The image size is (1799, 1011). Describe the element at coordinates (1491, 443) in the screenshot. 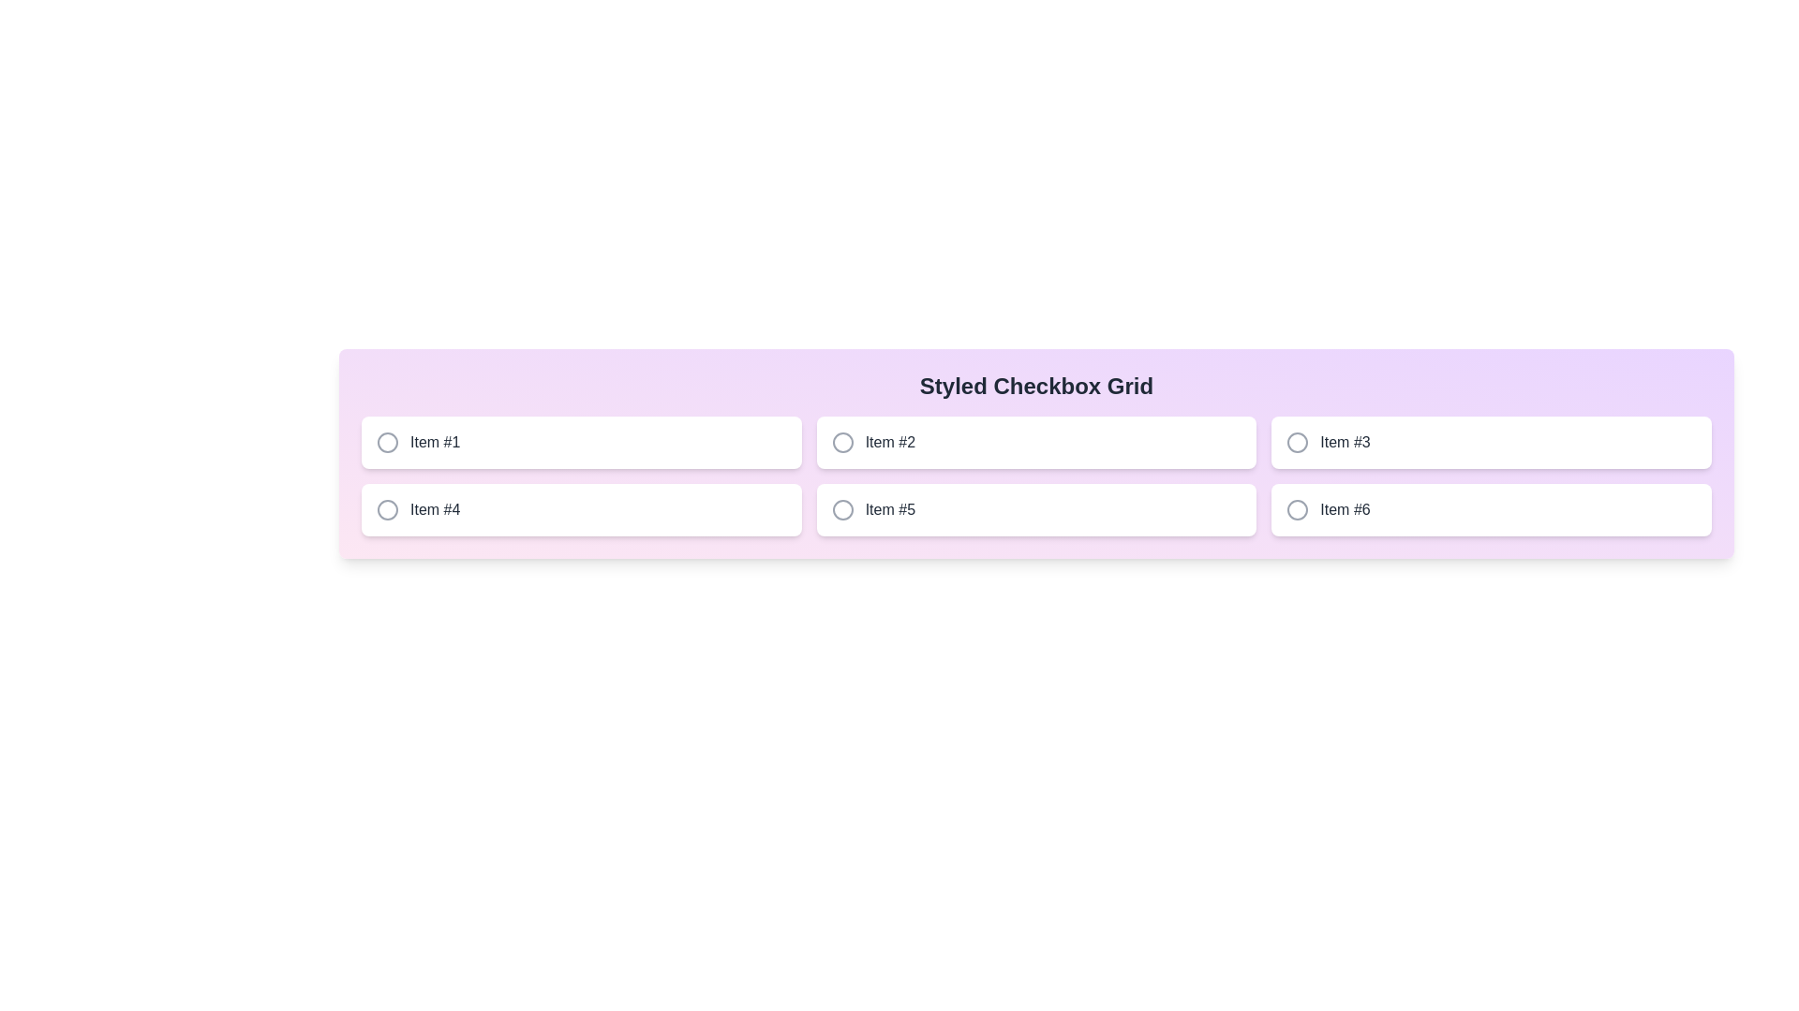

I see `the button labeled Item #3 to observe style changes` at that location.